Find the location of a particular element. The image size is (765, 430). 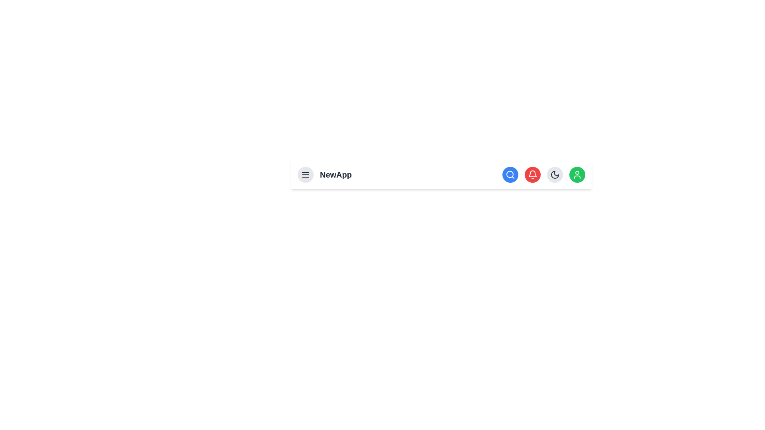

the user profile button to access the user profile is located at coordinates (577, 174).